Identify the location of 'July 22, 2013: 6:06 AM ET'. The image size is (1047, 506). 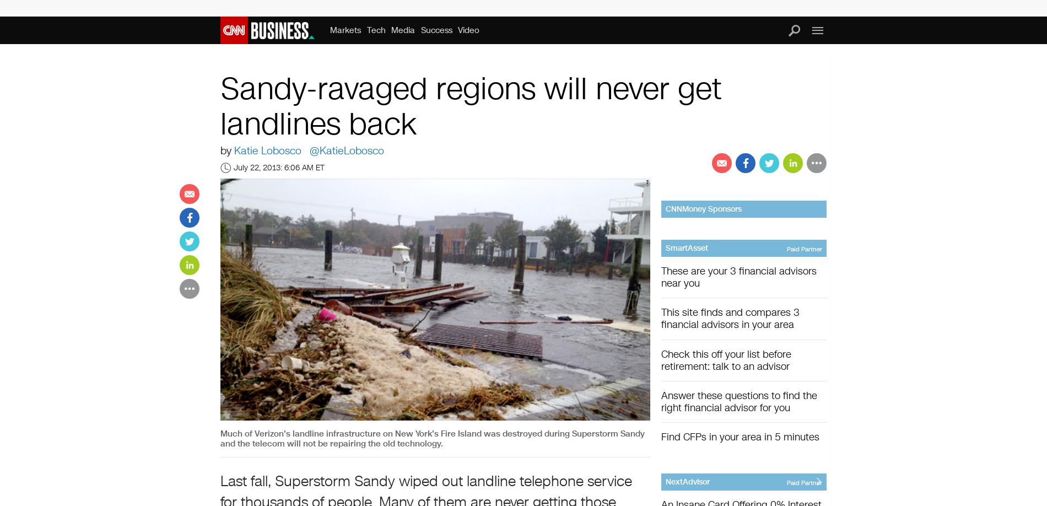
(279, 167).